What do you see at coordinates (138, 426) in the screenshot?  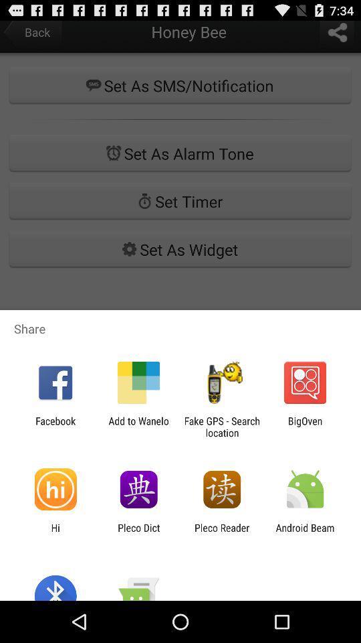 I see `the app next to fake gps search item` at bounding box center [138, 426].